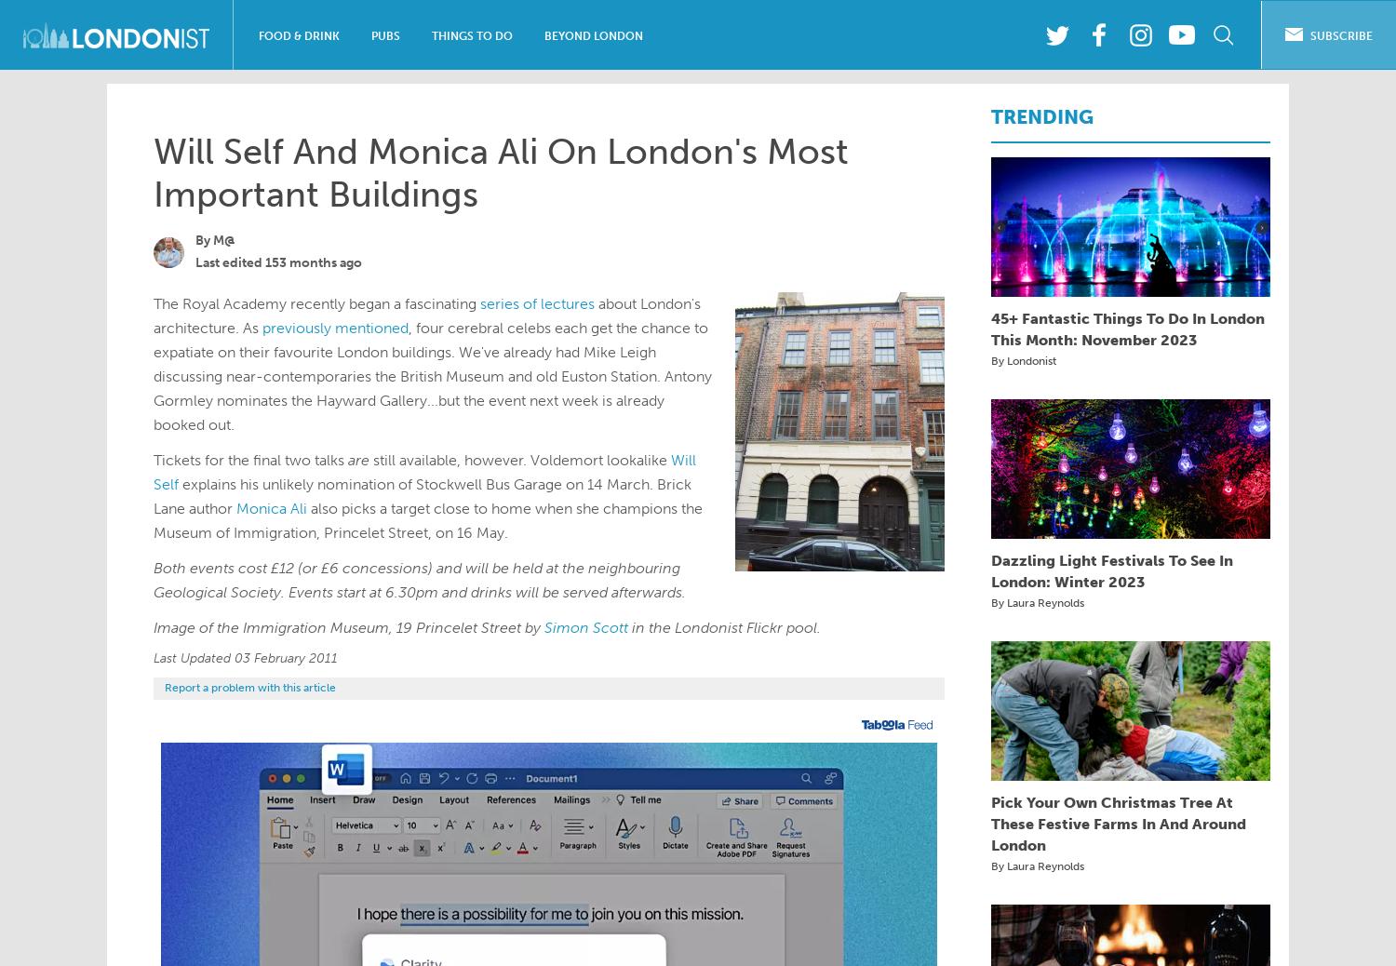  I want to click on 'still available, however. Voldemort lookalike', so click(520, 460).